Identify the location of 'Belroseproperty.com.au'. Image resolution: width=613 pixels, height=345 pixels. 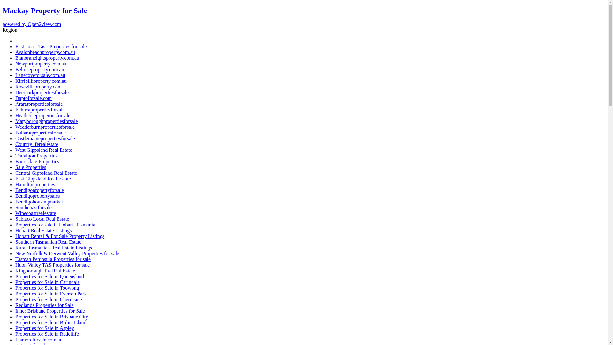
(39, 69).